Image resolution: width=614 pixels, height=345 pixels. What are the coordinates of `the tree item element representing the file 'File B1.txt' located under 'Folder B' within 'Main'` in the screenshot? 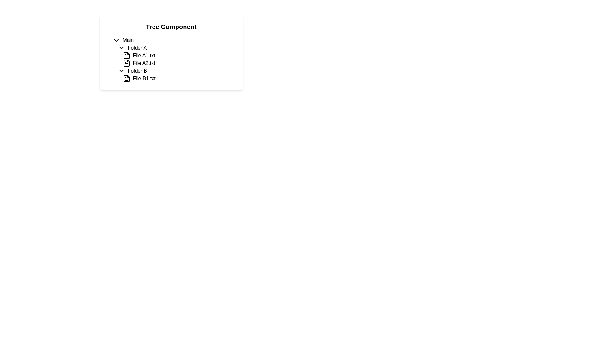 It's located at (174, 74).